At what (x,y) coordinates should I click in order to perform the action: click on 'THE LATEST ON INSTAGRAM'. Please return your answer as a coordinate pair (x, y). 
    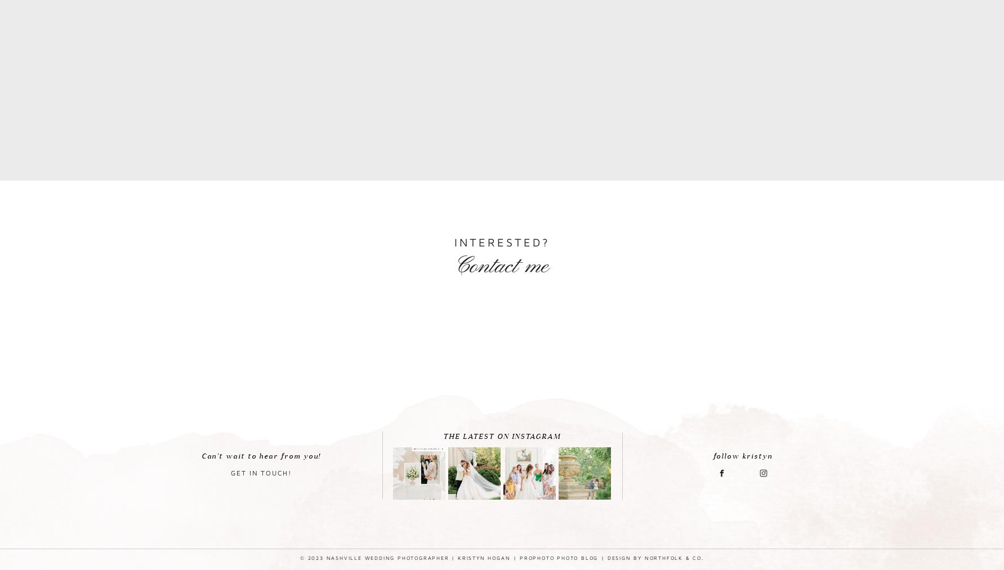
    Looking at the image, I should click on (501, 436).